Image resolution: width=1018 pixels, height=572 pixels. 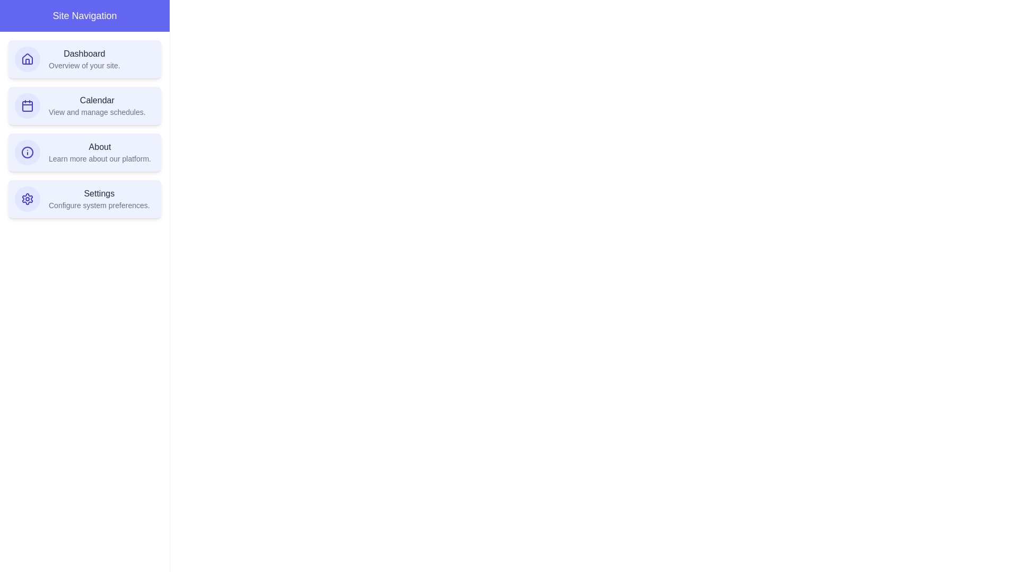 What do you see at coordinates (21, 21) in the screenshot?
I see `the top-left button to toggle the visibility of the drawer` at bounding box center [21, 21].